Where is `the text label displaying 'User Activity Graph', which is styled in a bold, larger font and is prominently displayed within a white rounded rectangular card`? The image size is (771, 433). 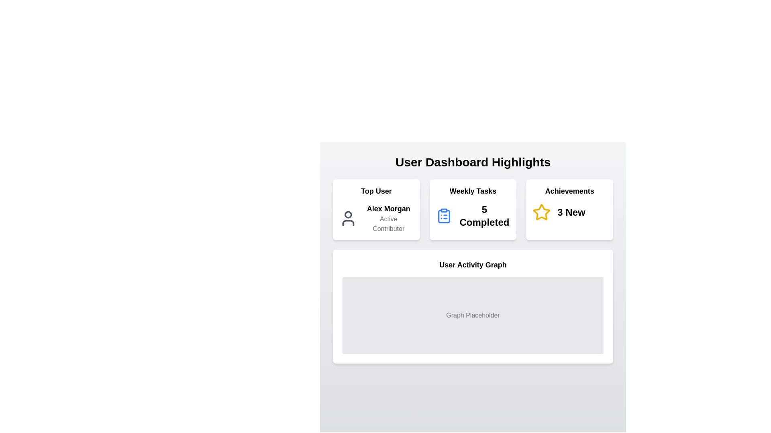
the text label displaying 'User Activity Graph', which is styled in a bold, larger font and is prominently displayed within a white rounded rectangular card is located at coordinates (473, 265).